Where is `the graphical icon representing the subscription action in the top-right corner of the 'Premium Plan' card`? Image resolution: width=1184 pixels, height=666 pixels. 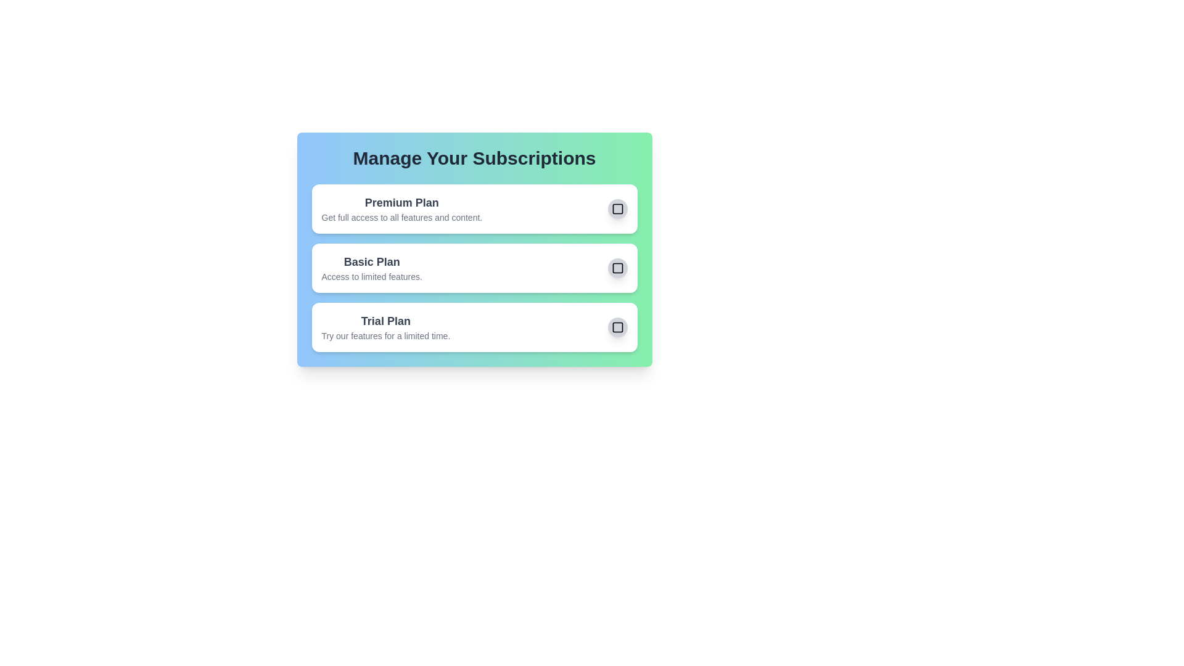
the graphical icon representing the subscription action in the top-right corner of the 'Premium Plan' card is located at coordinates (617, 208).